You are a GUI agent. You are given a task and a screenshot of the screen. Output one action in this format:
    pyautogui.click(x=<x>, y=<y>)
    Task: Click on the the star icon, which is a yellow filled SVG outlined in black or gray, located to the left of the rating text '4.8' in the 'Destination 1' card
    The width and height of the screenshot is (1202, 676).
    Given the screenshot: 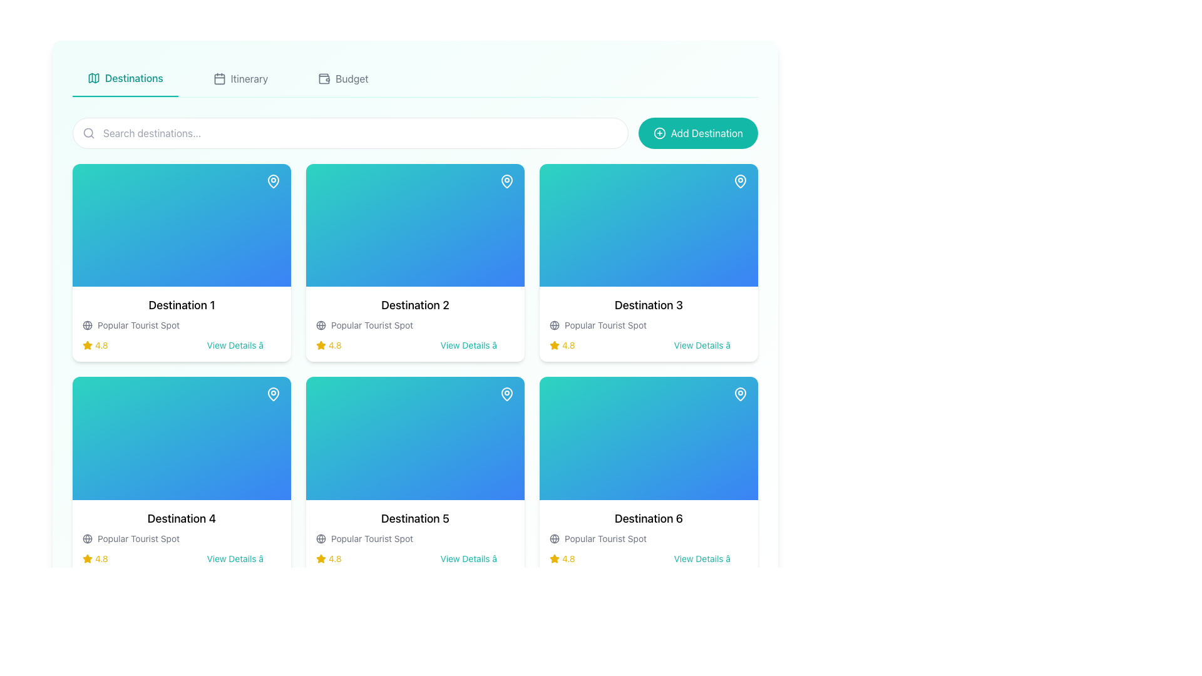 What is the action you would take?
    pyautogui.click(x=86, y=346)
    